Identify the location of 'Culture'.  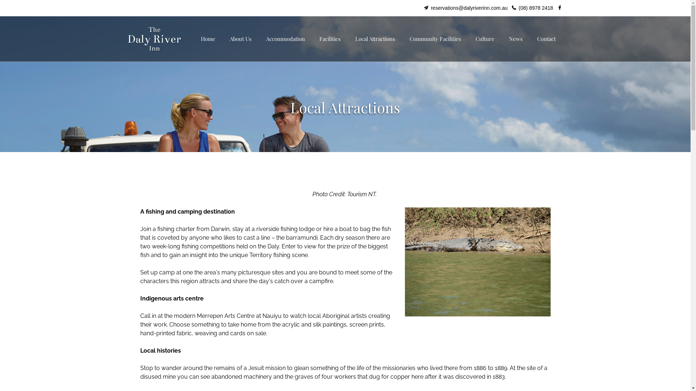
(485, 39).